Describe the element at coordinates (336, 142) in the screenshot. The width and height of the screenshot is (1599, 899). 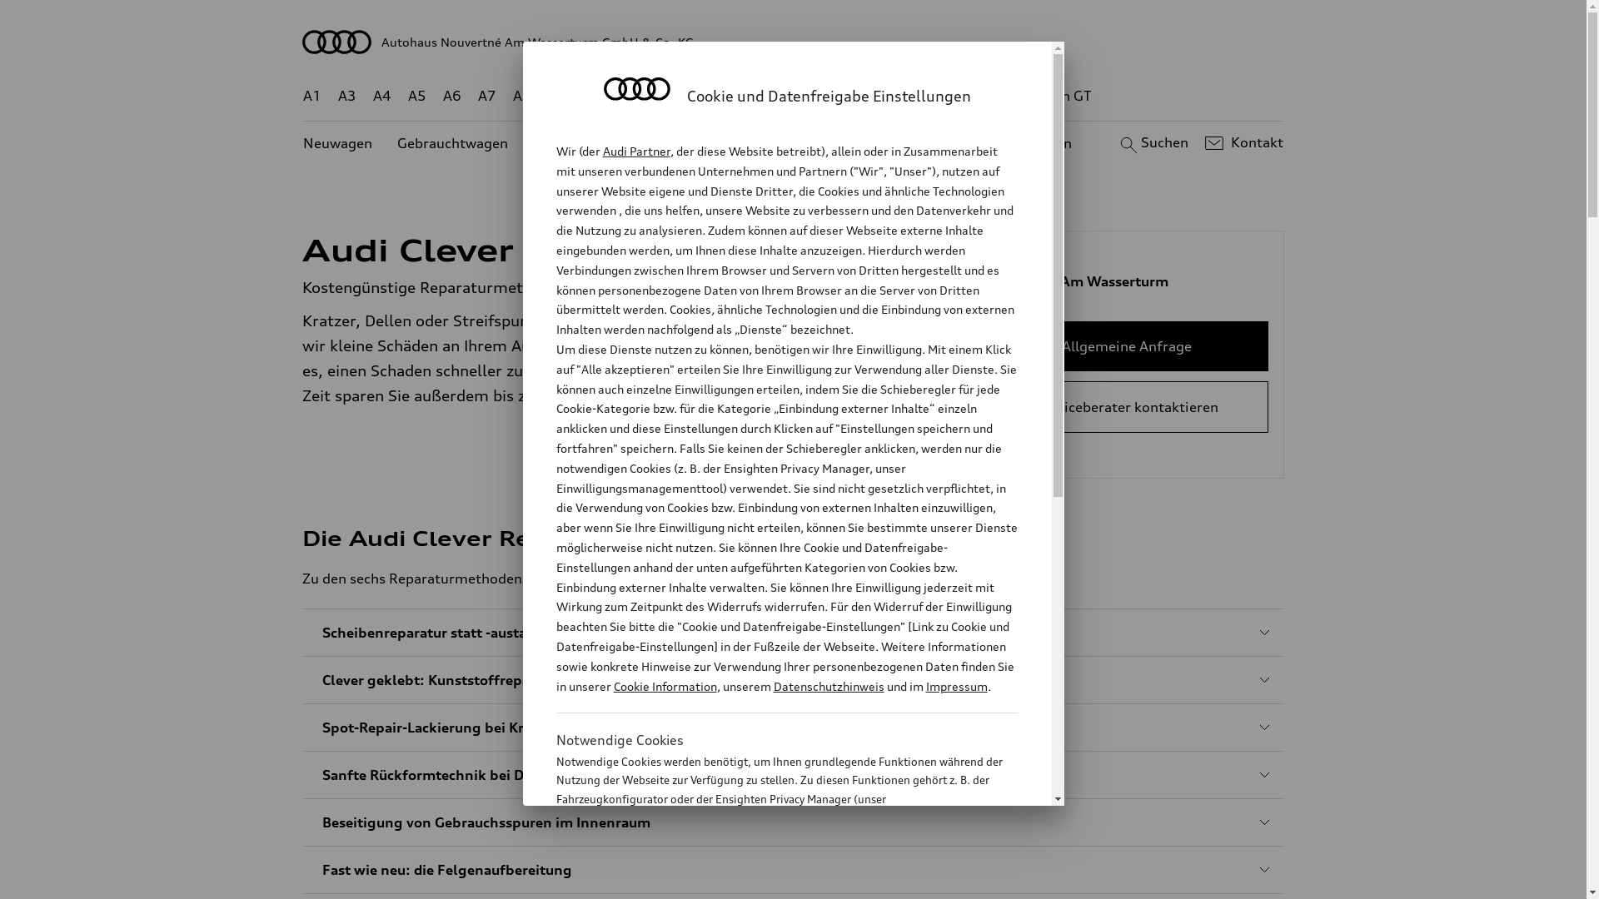
I see `'Neuwagen'` at that location.